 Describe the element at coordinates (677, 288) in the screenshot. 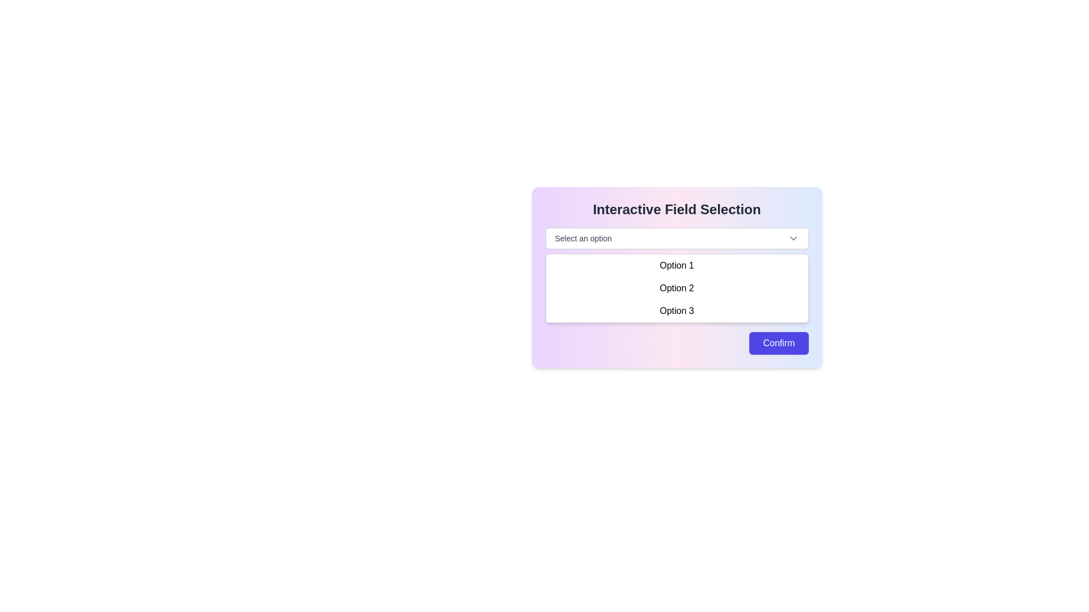

I see `the options in the dropdown menu located below the 'Select an option' text` at that location.